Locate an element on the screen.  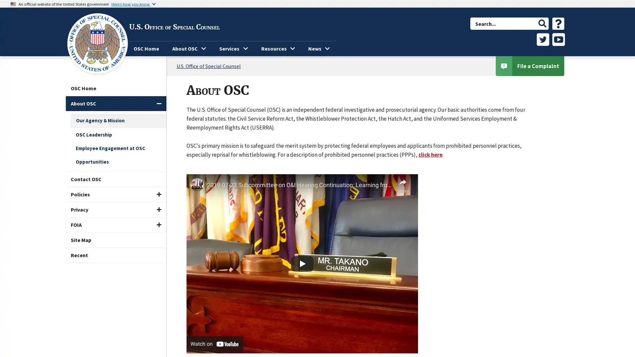
FOIA is located at coordinates (116, 224).